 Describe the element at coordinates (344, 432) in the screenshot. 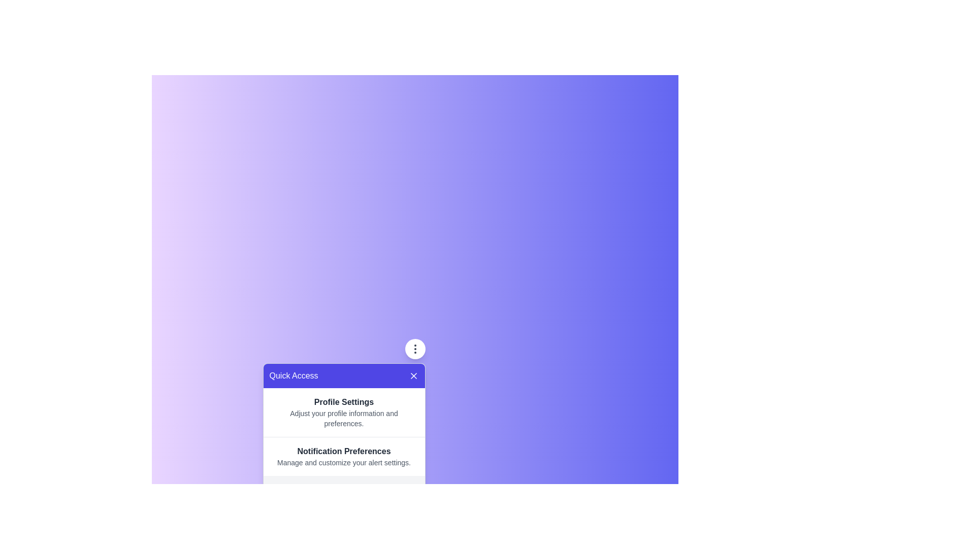

I see `descriptions for the options 'Profile Settings' and 'Notification Preferences' in the composite list element located beneath the 'Quick Access' section` at that location.